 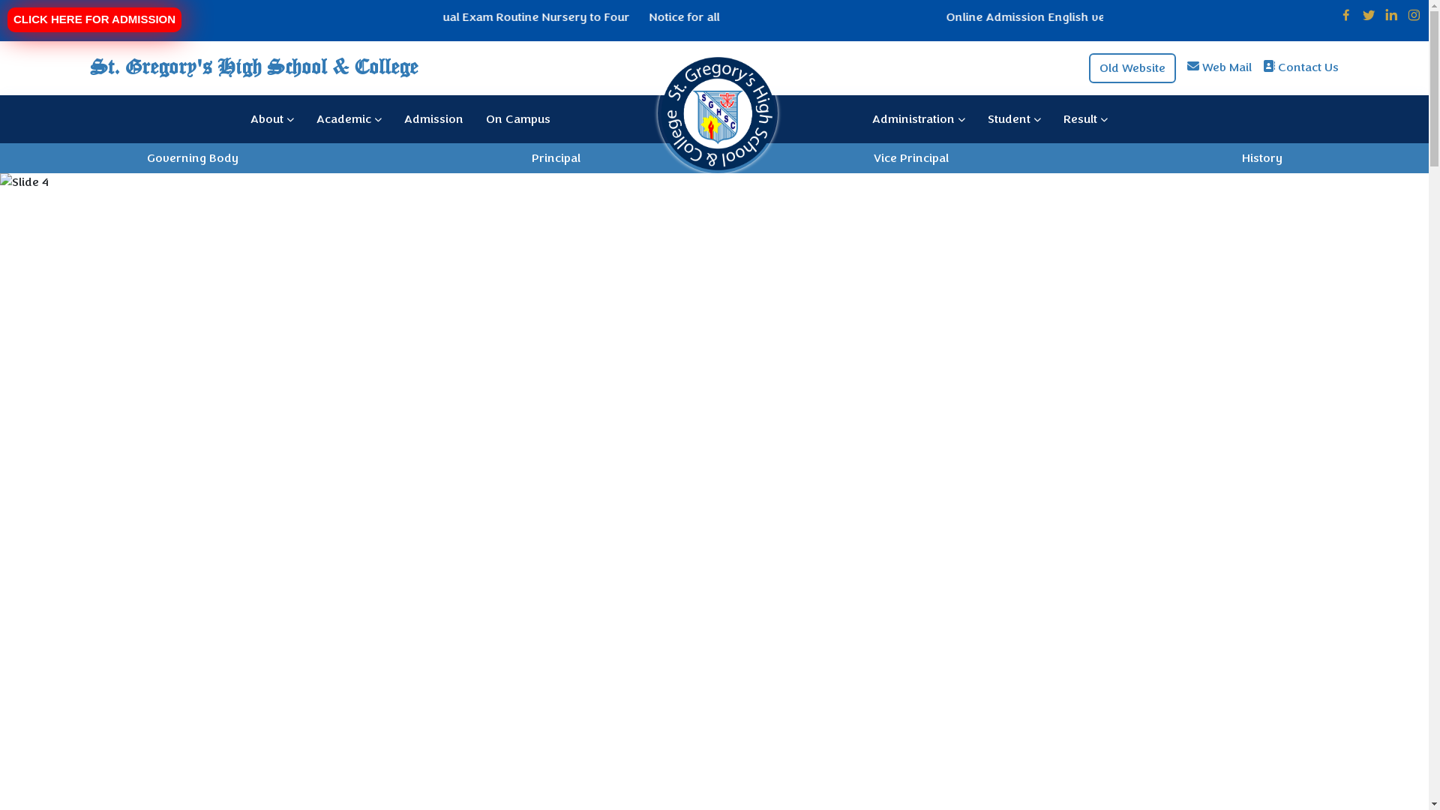 What do you see at coordinates (1307, 66) in the screenshot?
I see `'Contact Us'` at bounding box center [1307, 66].